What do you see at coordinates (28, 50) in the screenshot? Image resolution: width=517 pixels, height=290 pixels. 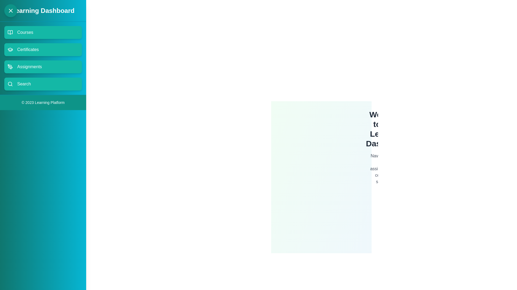 I see `the 'Certificates' text label within the sidebar navigation menu` at bounding box center [28, 50].